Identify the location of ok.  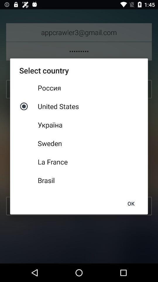
(131, 204).